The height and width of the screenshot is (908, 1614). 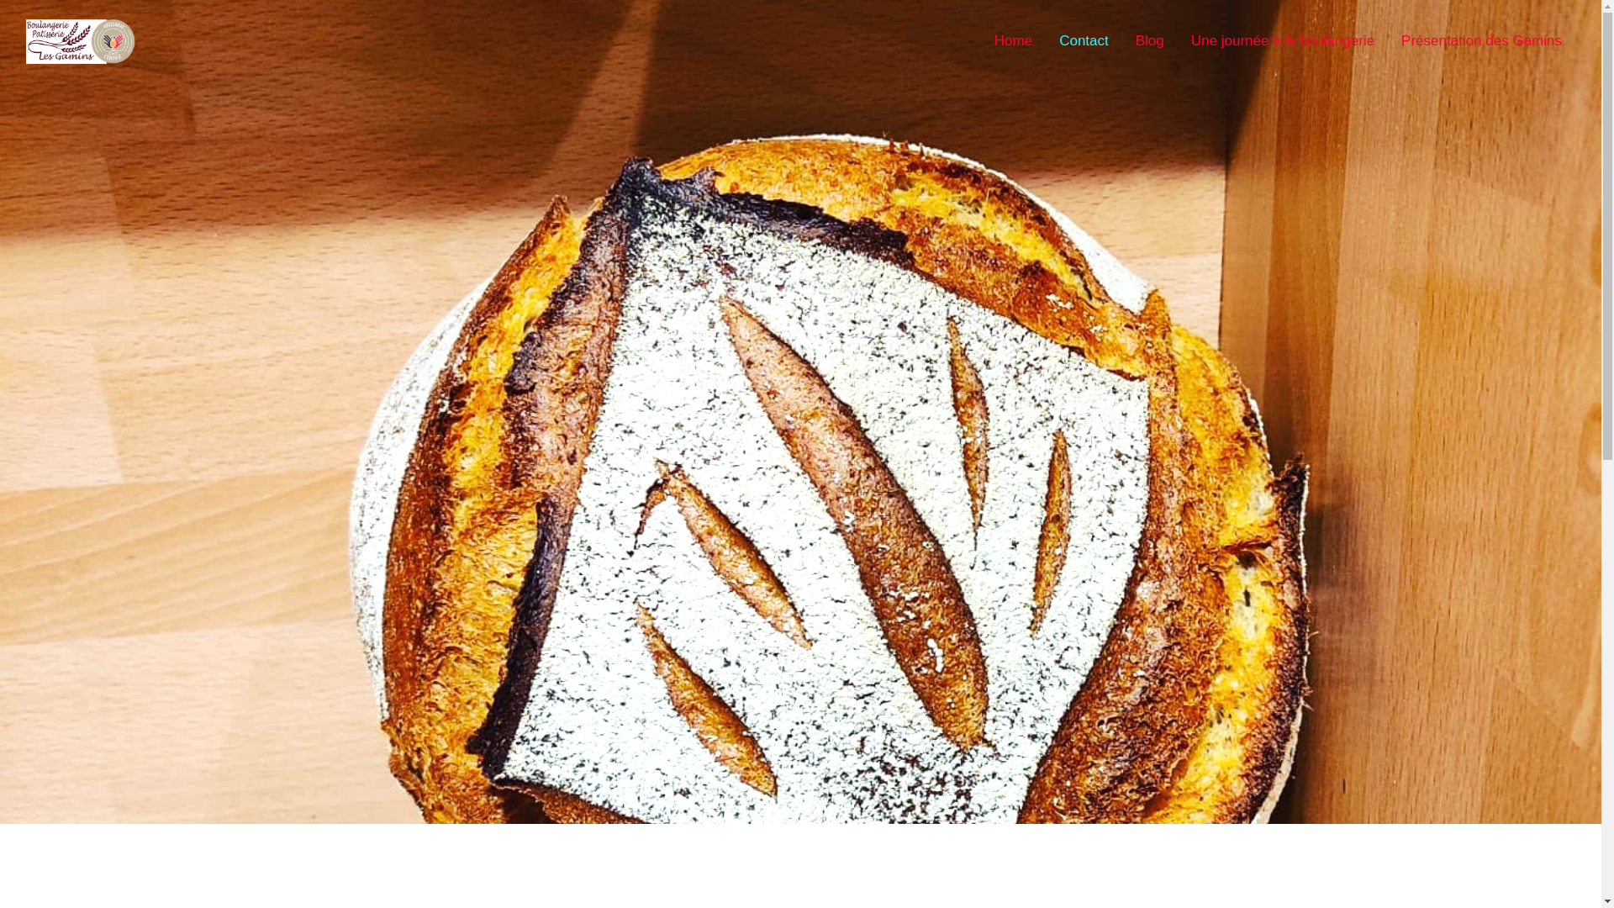 I want to click on 'Home', so click(x=1012, y=40).